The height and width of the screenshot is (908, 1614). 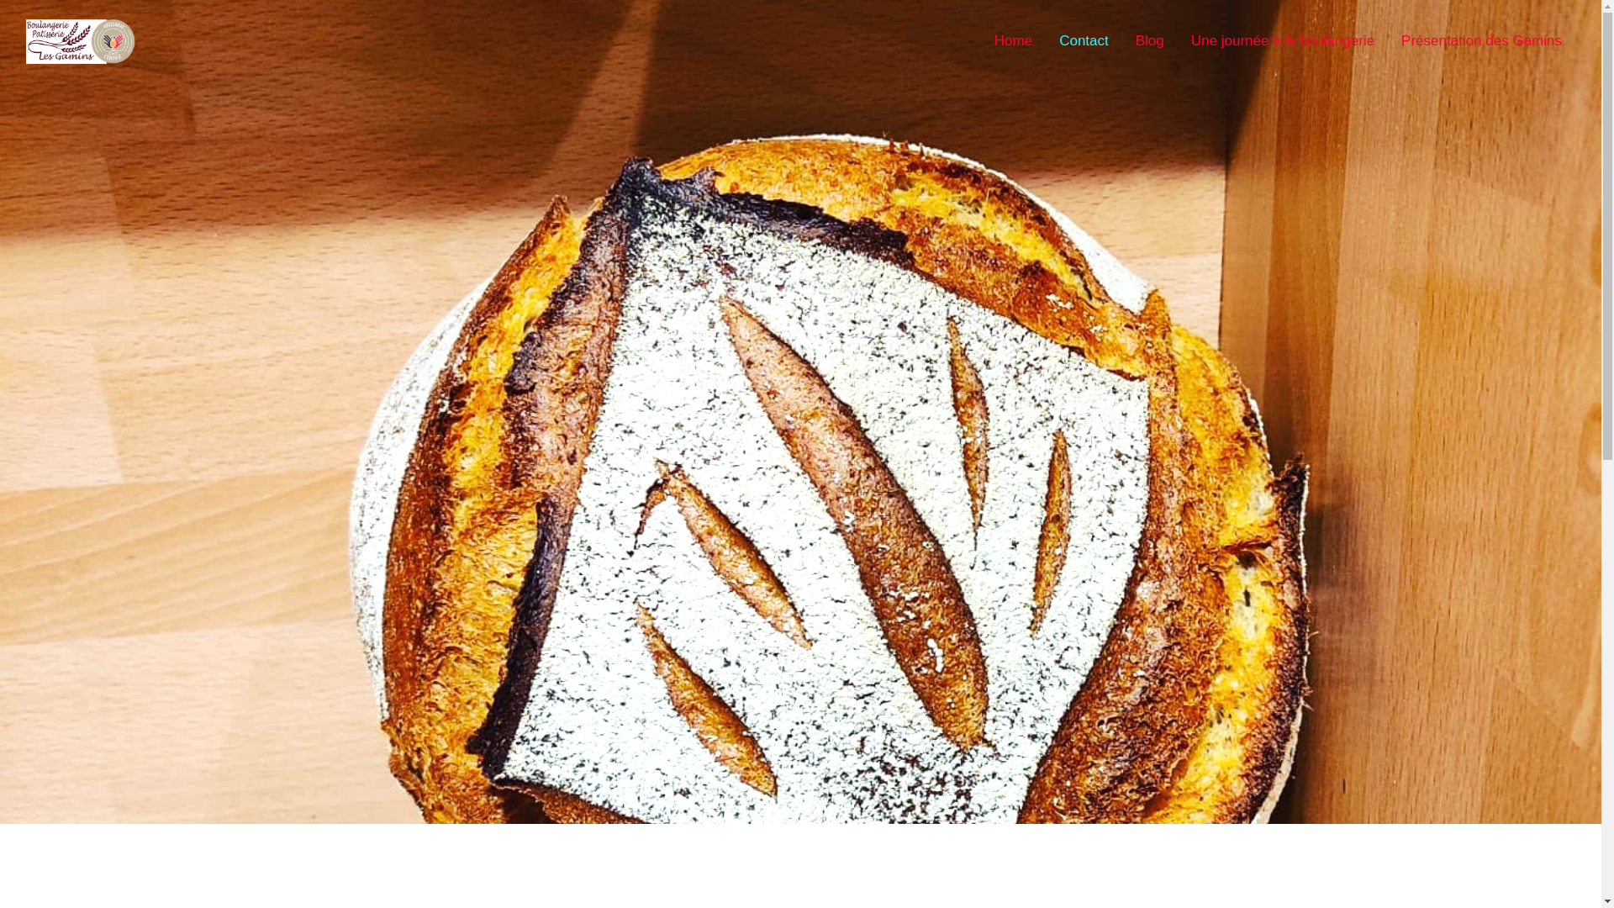 I want to click on 'Home', so click(x=1012, y=40).